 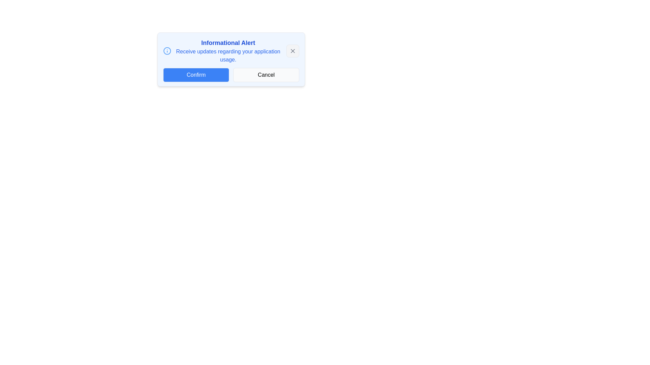 What do you see at coordinates (167, 50) in the screenshot?
I see `the circular element with a light blue outline and a white interior, located next to the title 'Informational Alert' in the modal dialog box` at bounding box center [167, 50].